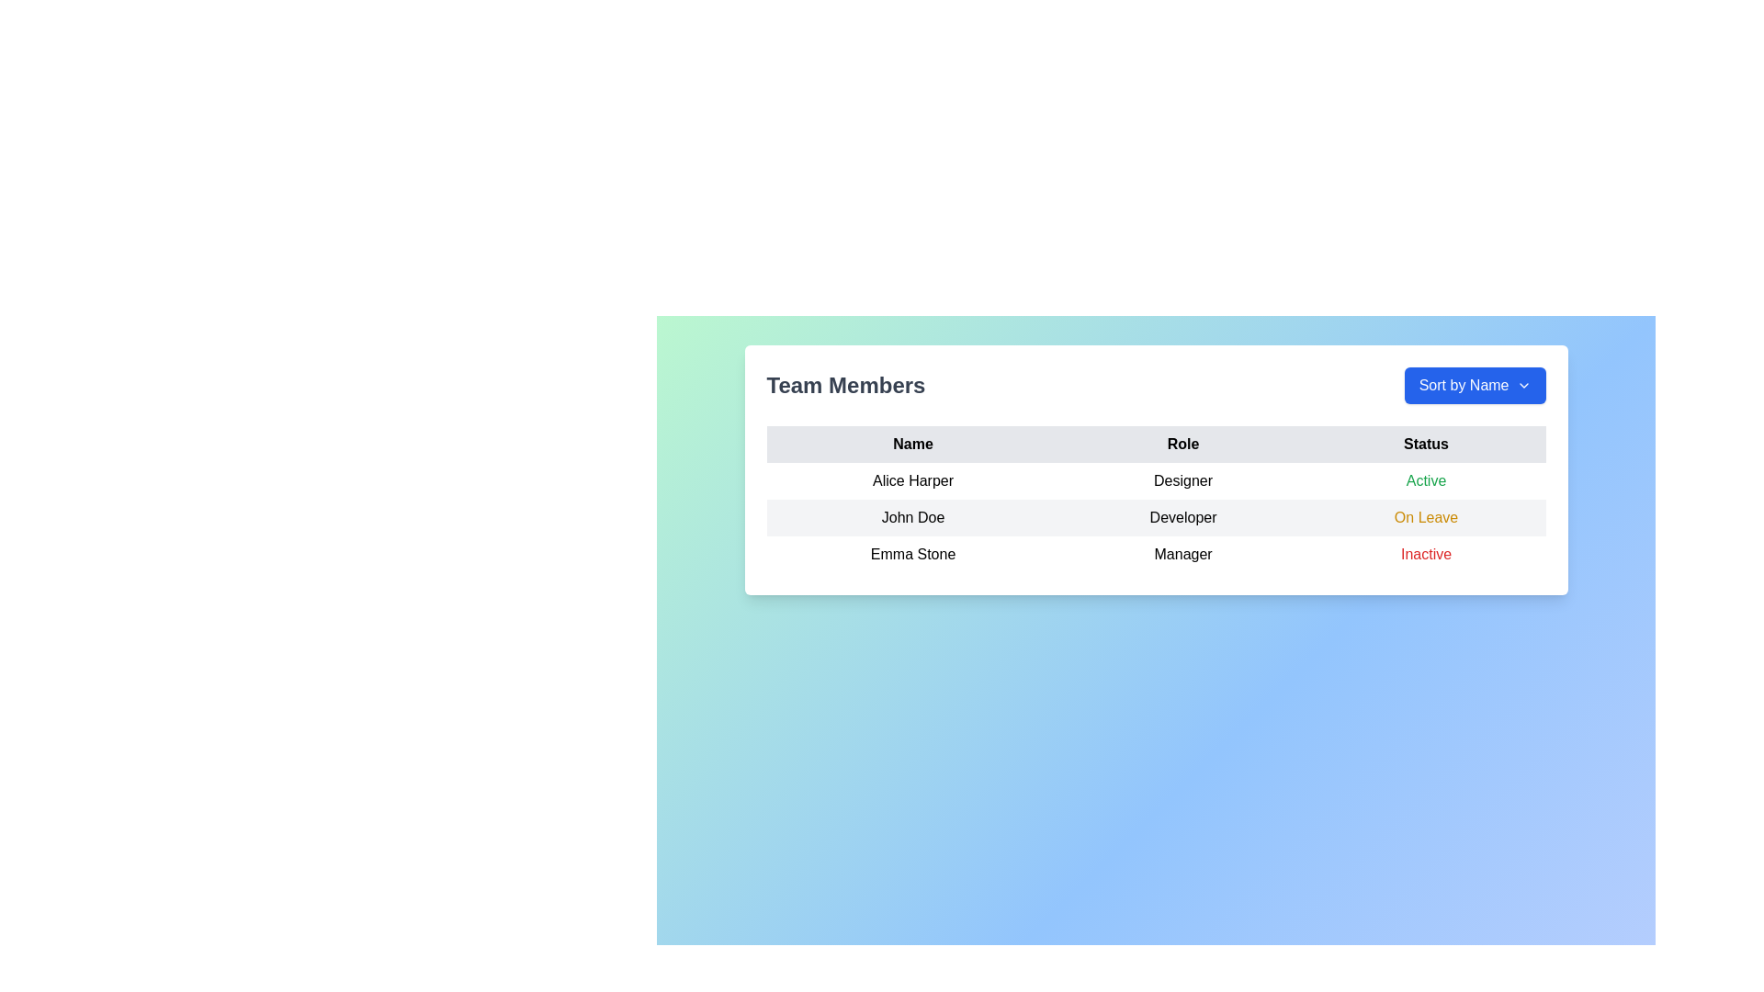 The width and height of the screenshot is (1764, 992). What do you see at coordinates (1425, 517) in the screenshot?
I see `displayed text of the status label indicating that the individual is 'On Leave', located in the third position of the team member list` at bounding box center [1425, 517].